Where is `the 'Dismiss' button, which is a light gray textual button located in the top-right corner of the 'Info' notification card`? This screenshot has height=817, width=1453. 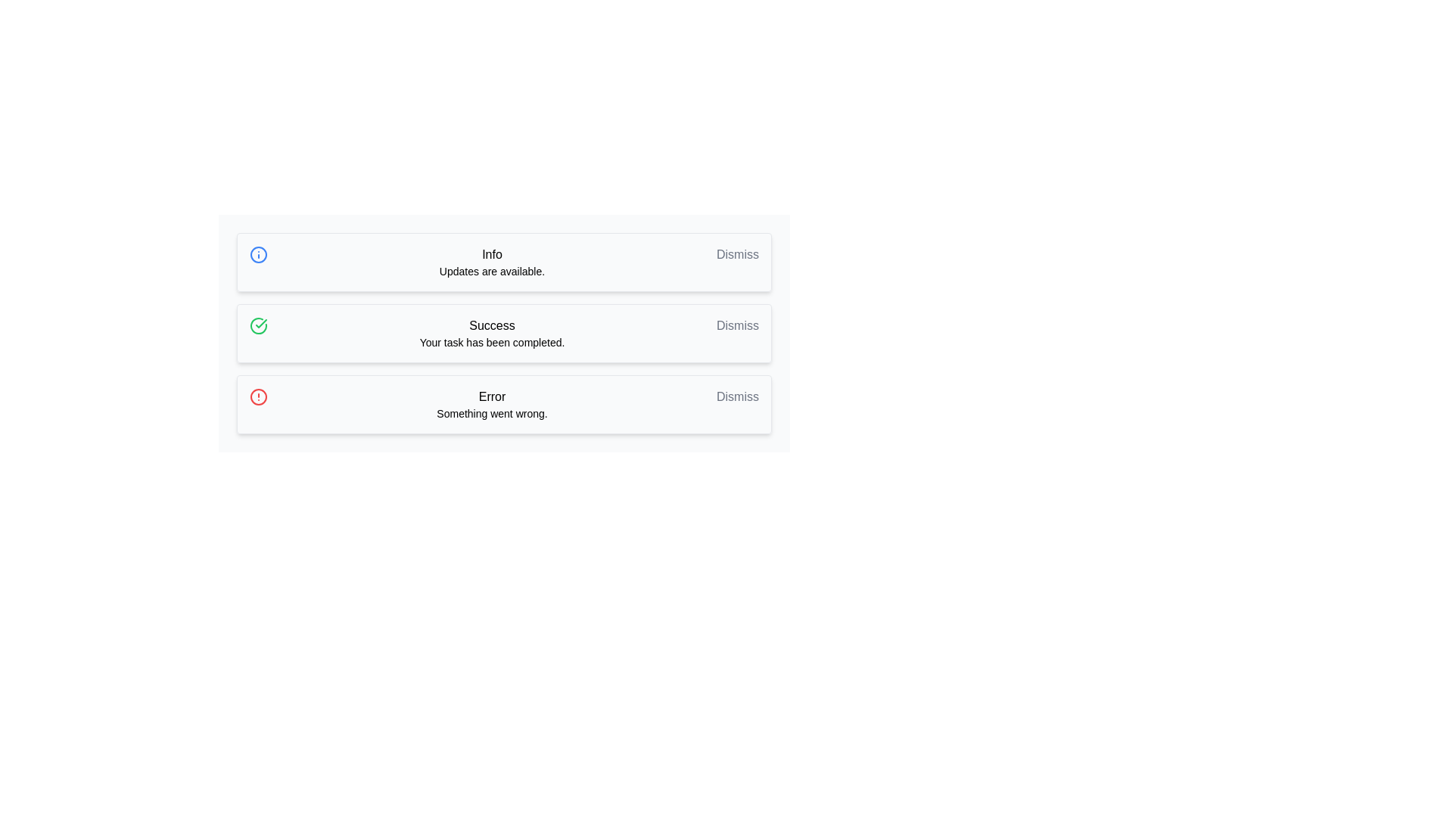 the 'Dismiss' button, which is a light gray textual button located in the top-right corner of the 'Info' notification card is located at coordinates (737, 253).